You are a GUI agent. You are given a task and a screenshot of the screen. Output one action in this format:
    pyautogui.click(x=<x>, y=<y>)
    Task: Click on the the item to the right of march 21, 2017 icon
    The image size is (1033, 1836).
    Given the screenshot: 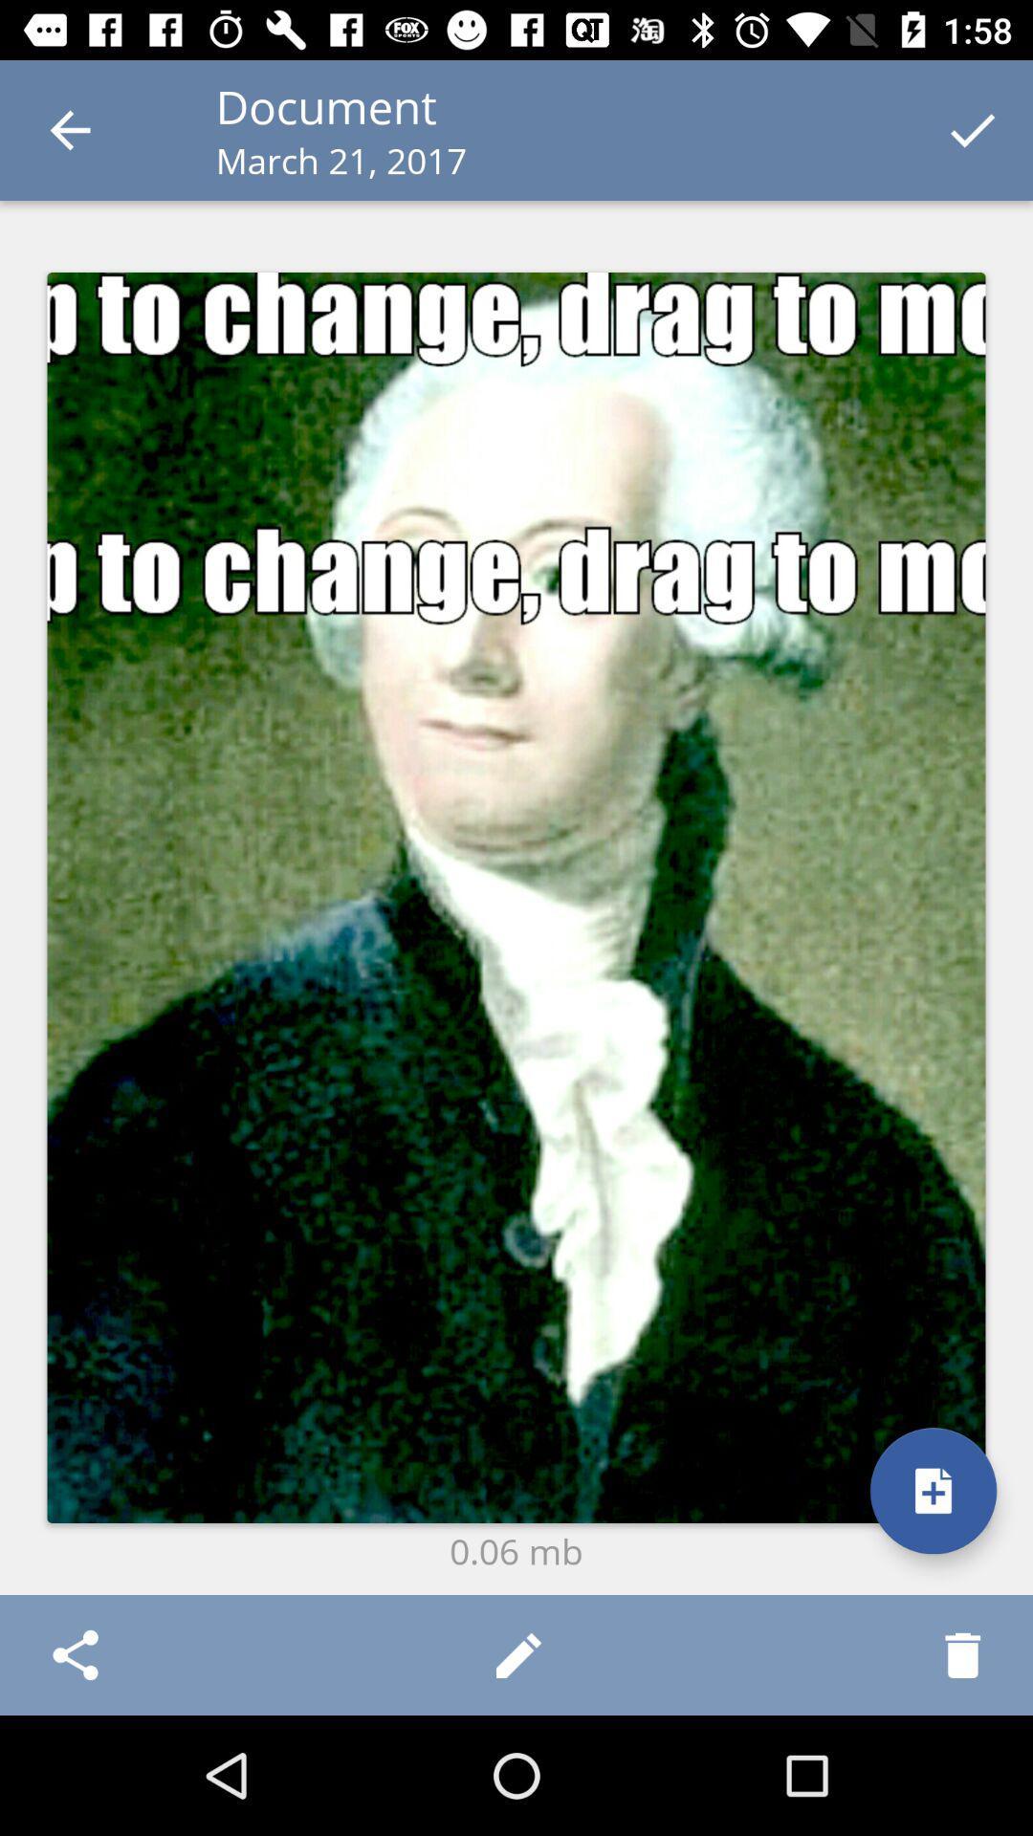 What is the action you would take?
    pyautogui.click(x=973, y=129)
    